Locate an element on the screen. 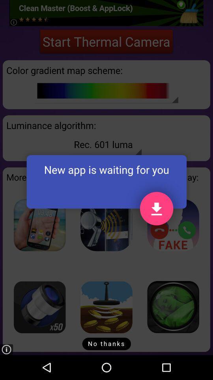 The image size is (213, 380). zoom lens is located at coordinates (39, 307).